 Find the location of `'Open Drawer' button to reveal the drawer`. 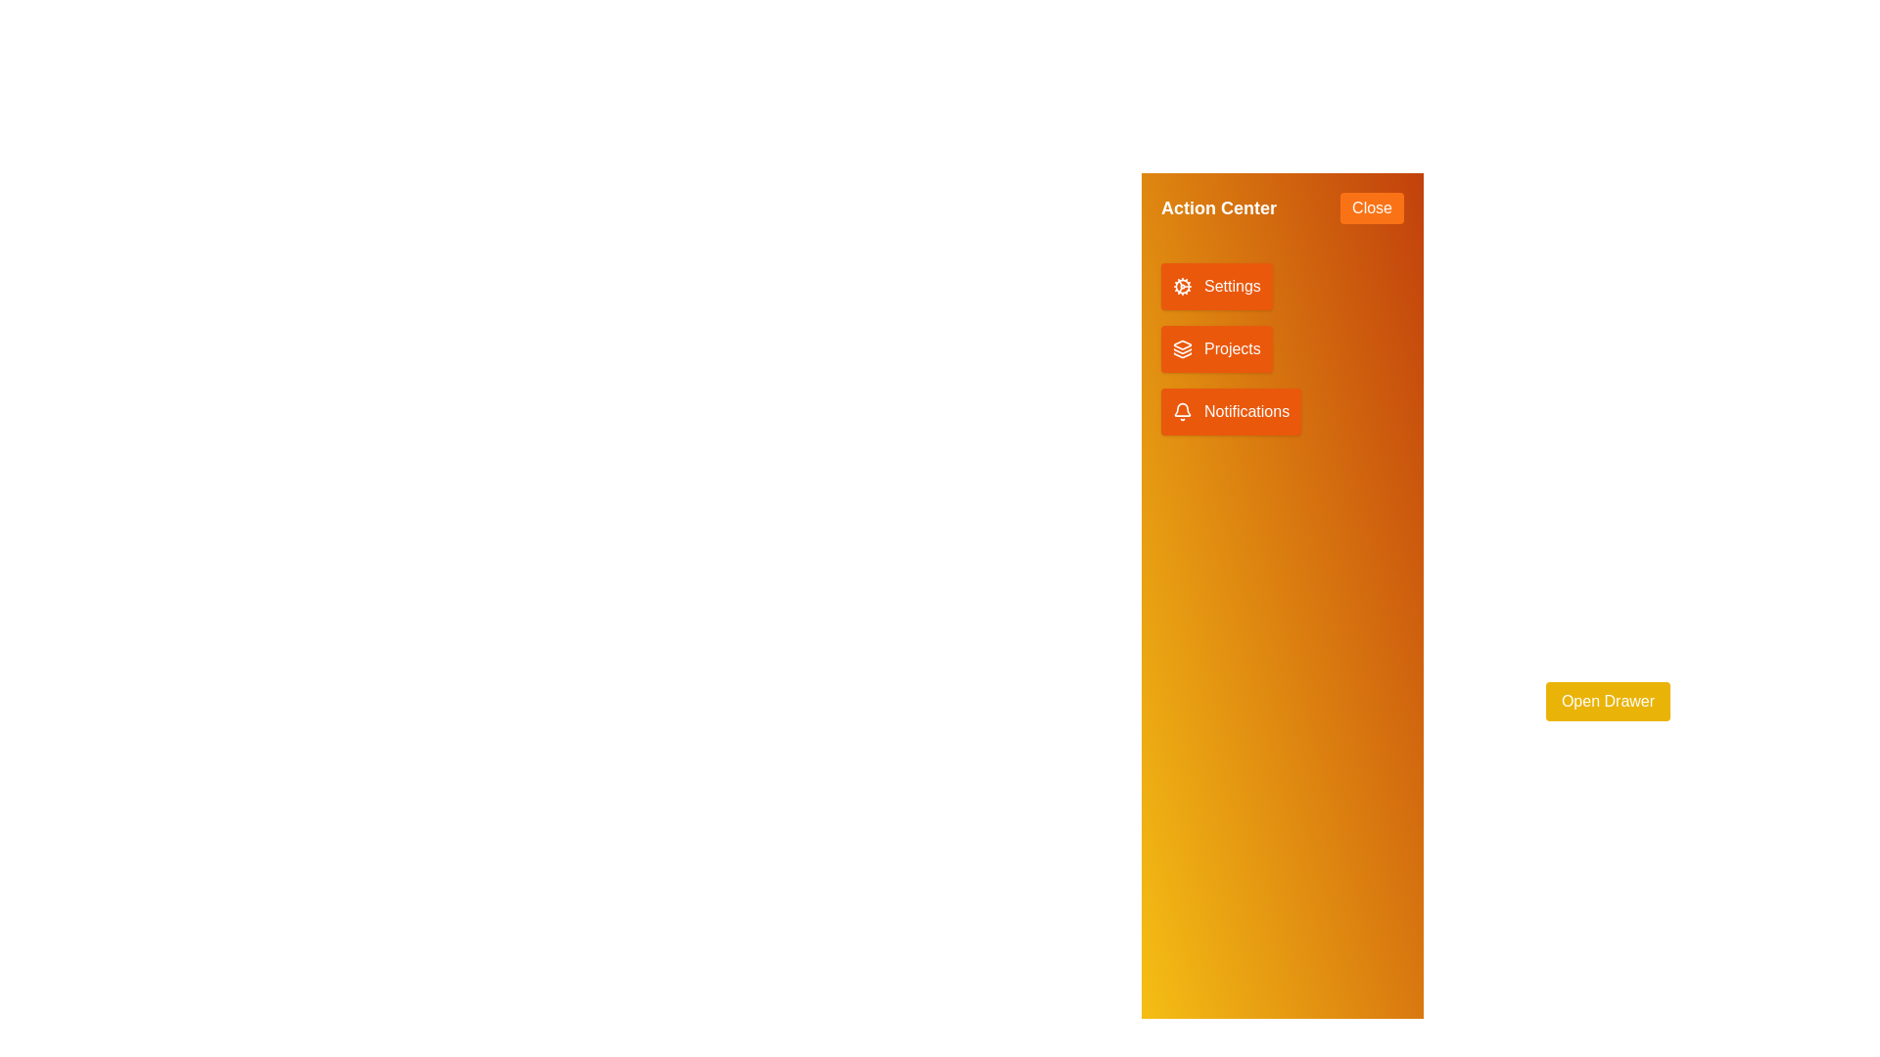

'Open Drawer' button to reveal the drawer is located at coordinates (1608, 701).